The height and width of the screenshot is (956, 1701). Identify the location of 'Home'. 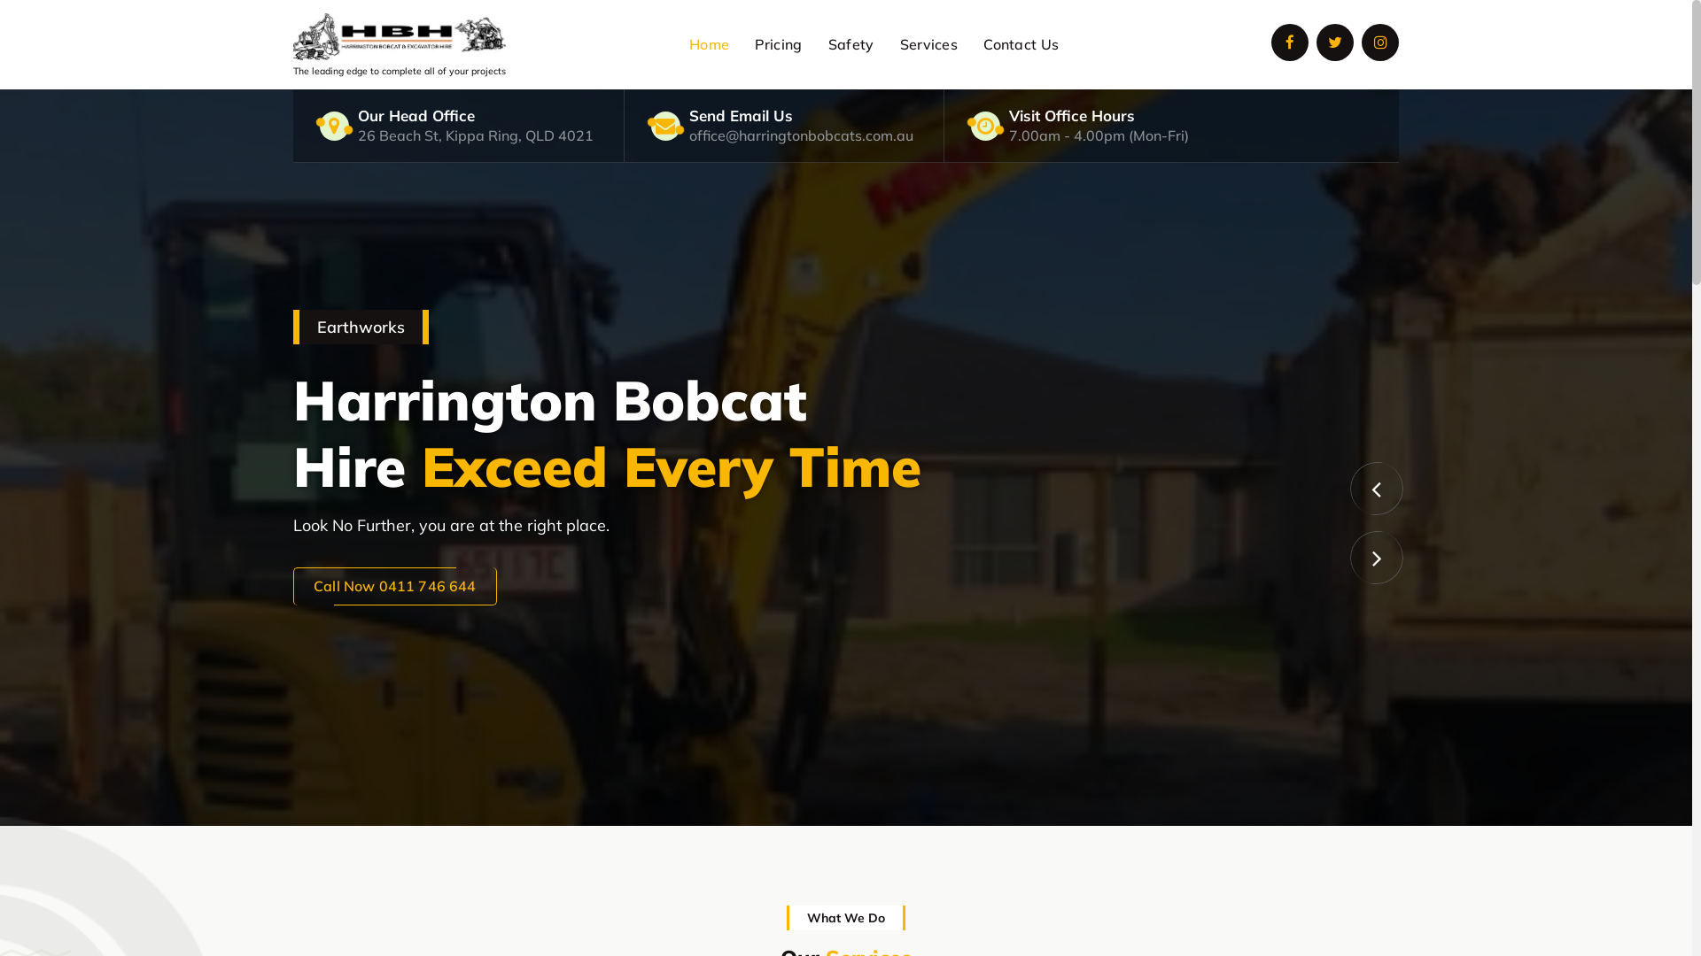
(709, 43).